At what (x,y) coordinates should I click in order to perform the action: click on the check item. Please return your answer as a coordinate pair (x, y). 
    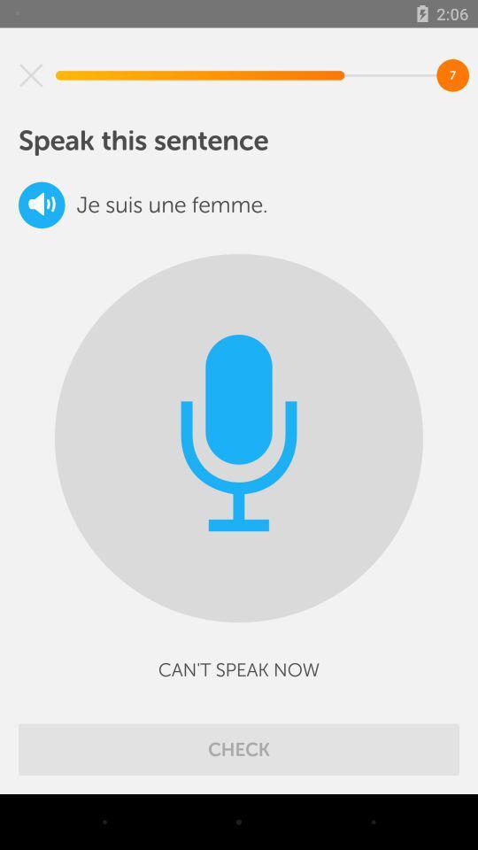
    Looking at the image, I should click on (239, 748).